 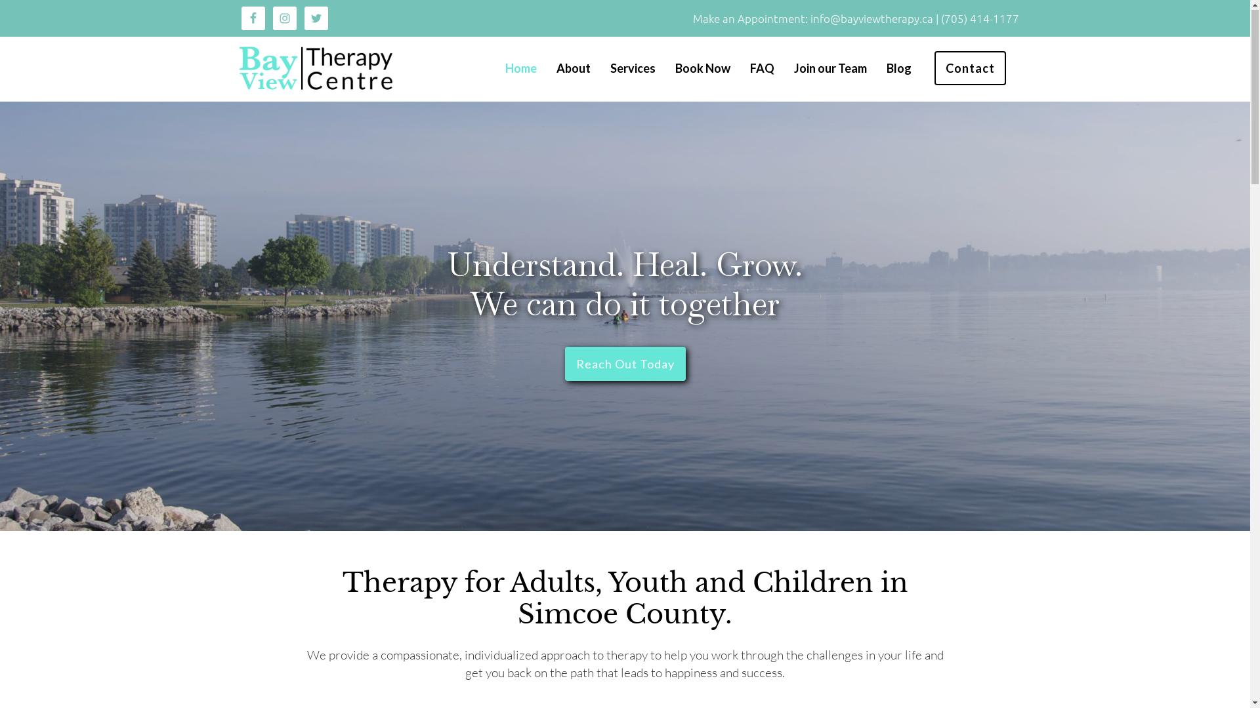 I want to click on 'Contact', so click(x=970, y=68).